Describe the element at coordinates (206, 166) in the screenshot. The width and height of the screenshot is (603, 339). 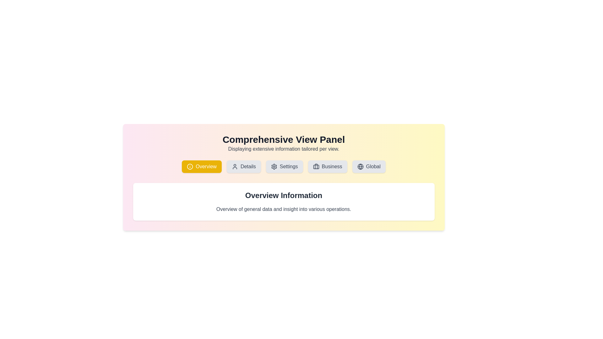
I see `the 'Overview' button, which features white text on a yellow background, located in the top-left section of the central content area` at that location.